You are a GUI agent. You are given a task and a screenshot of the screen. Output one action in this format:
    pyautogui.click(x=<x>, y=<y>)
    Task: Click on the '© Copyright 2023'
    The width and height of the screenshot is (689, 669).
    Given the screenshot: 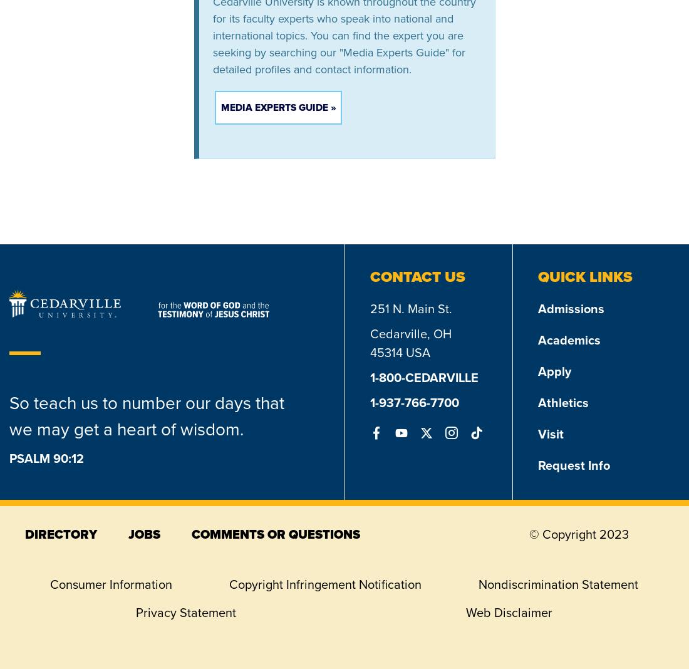 What is the action you would take?
    pyautogui.click(x=579, y=534)
    